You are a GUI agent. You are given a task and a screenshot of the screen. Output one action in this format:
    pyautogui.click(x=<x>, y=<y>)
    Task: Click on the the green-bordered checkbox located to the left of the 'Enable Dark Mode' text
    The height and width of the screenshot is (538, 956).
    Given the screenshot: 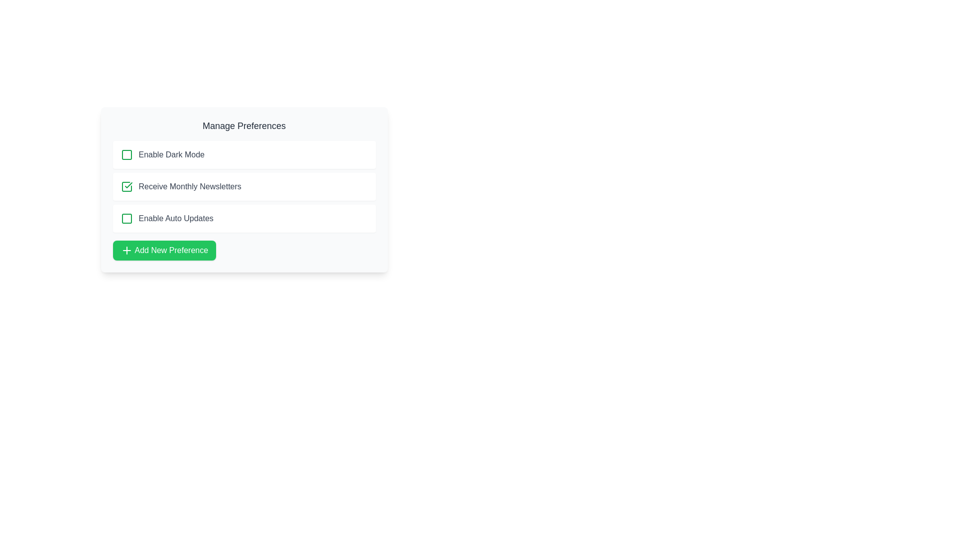 What is the action you would take?
    pyautogui.click(x=126, y=155)
    